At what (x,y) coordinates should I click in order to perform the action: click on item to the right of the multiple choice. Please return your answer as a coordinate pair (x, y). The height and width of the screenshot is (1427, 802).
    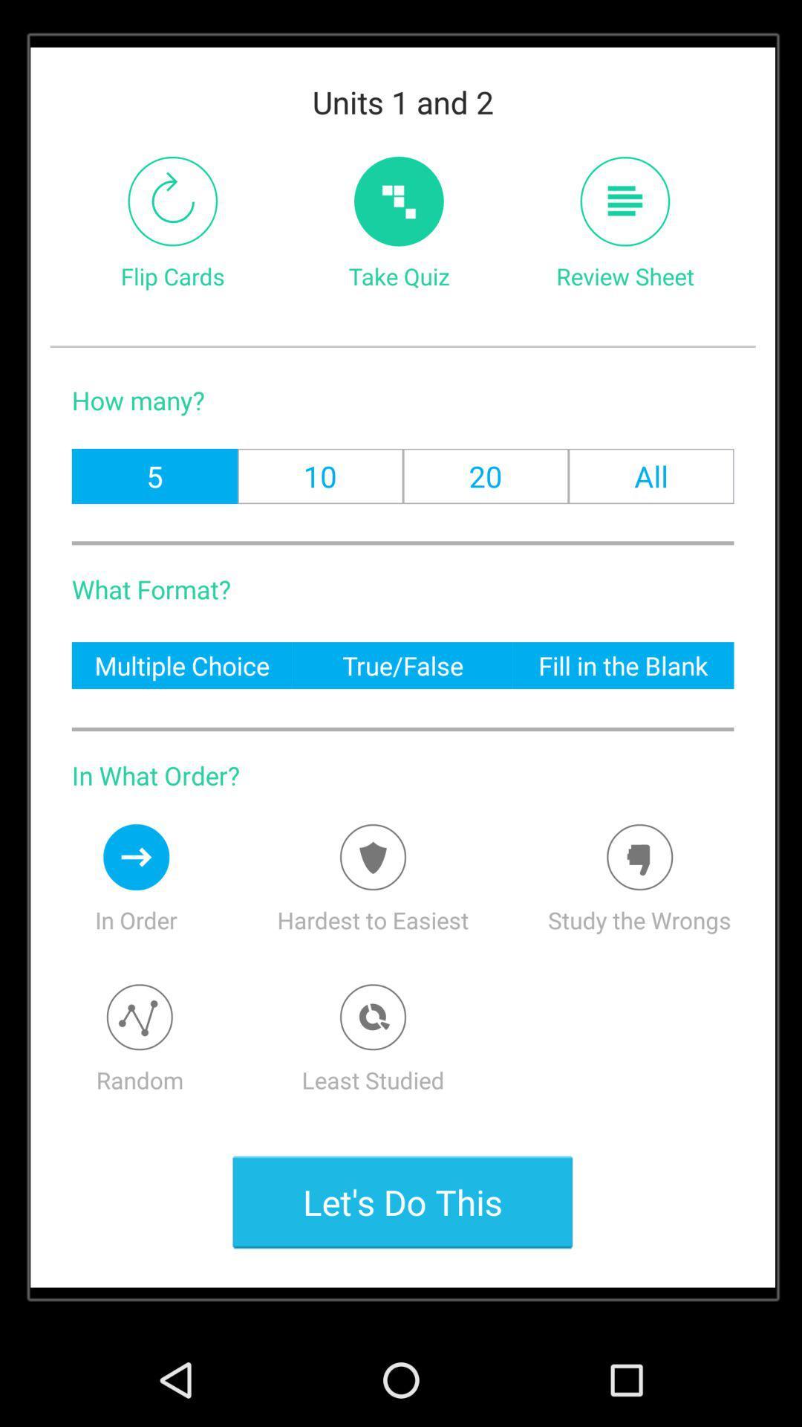
    Looking at the image, I should click on (402, 664).